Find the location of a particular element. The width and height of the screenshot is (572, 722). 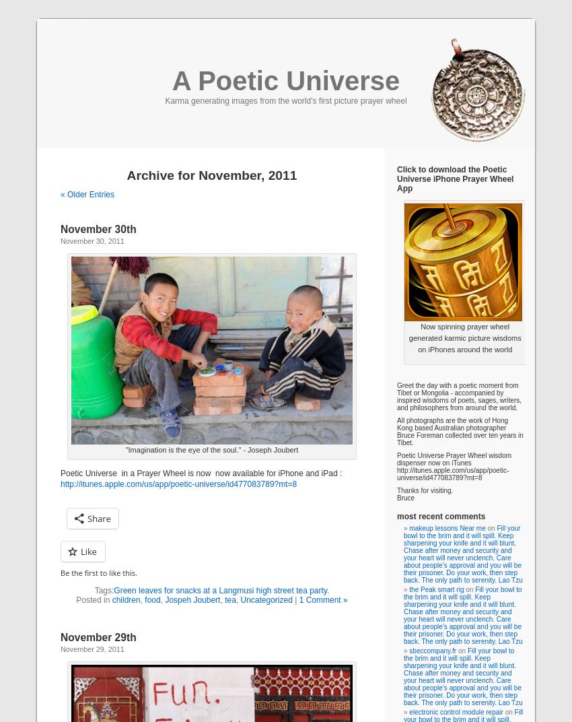

'November 30th' is located at coordinates (98, 229).